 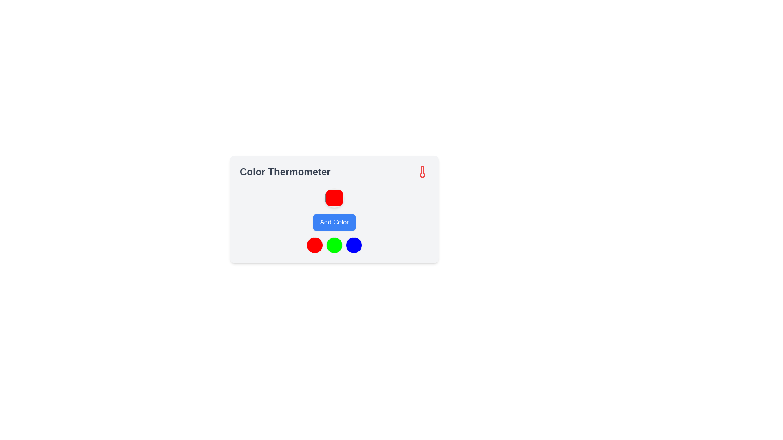 I want to click on the thermometer icon located at the top-right corner of the interface, so click(x=422, y=171).